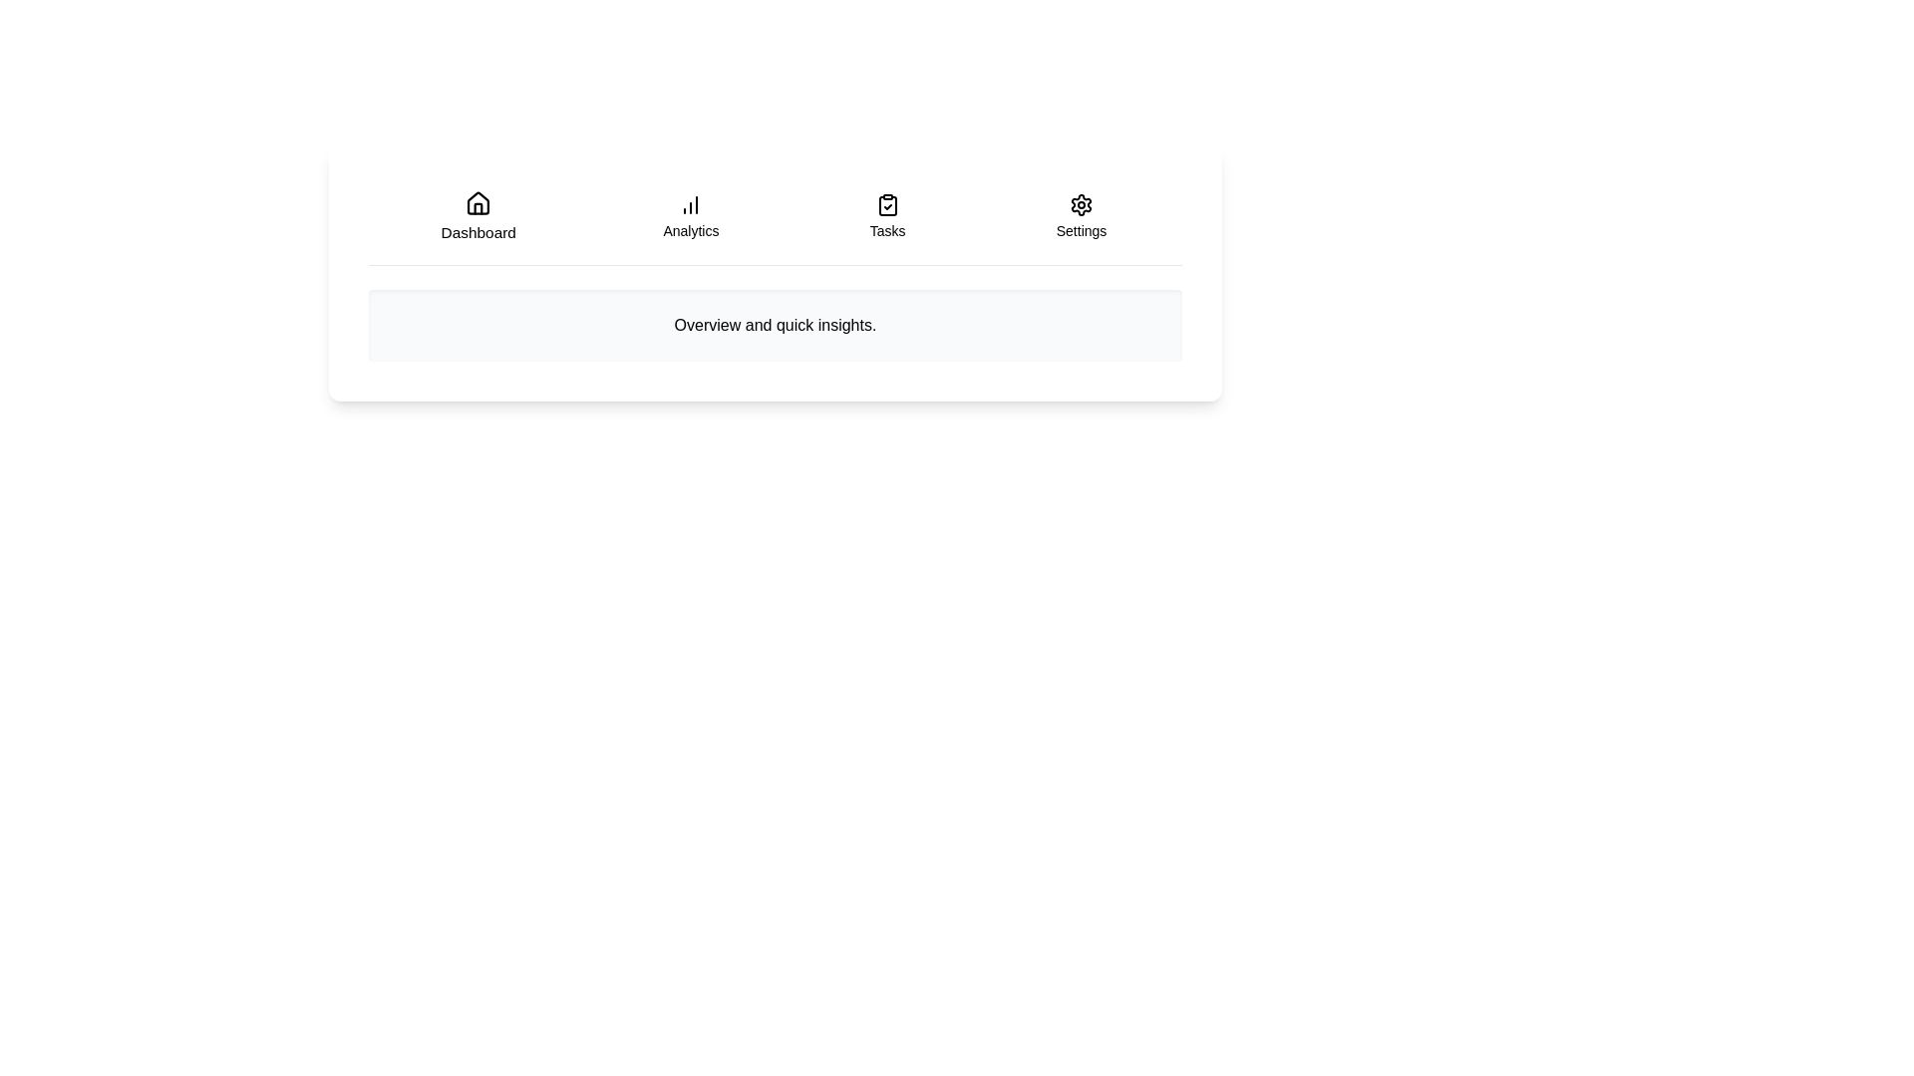 This screenshot has width=1914, height=1076. I want to click on the 'Tasks' text label located below the clipboard icon in the navigation bar, so click(886, 229).